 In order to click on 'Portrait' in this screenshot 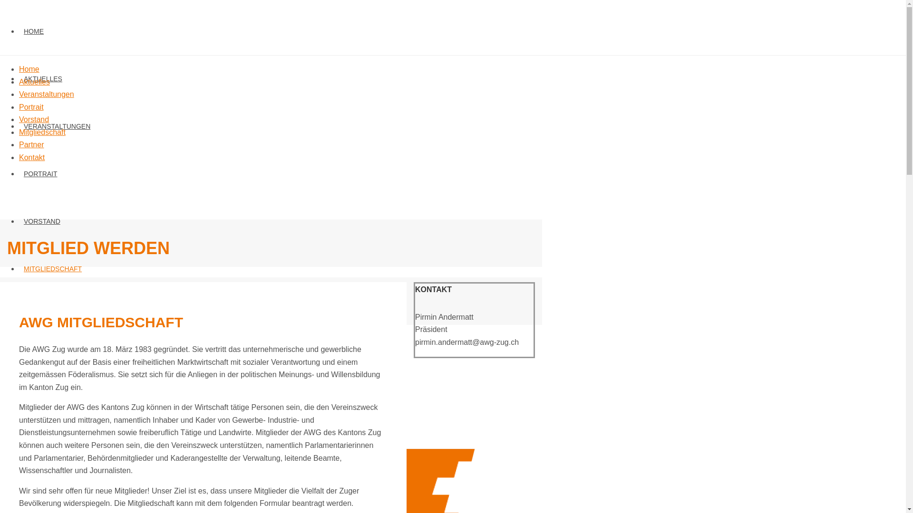, I will do `click(31, 107)`.